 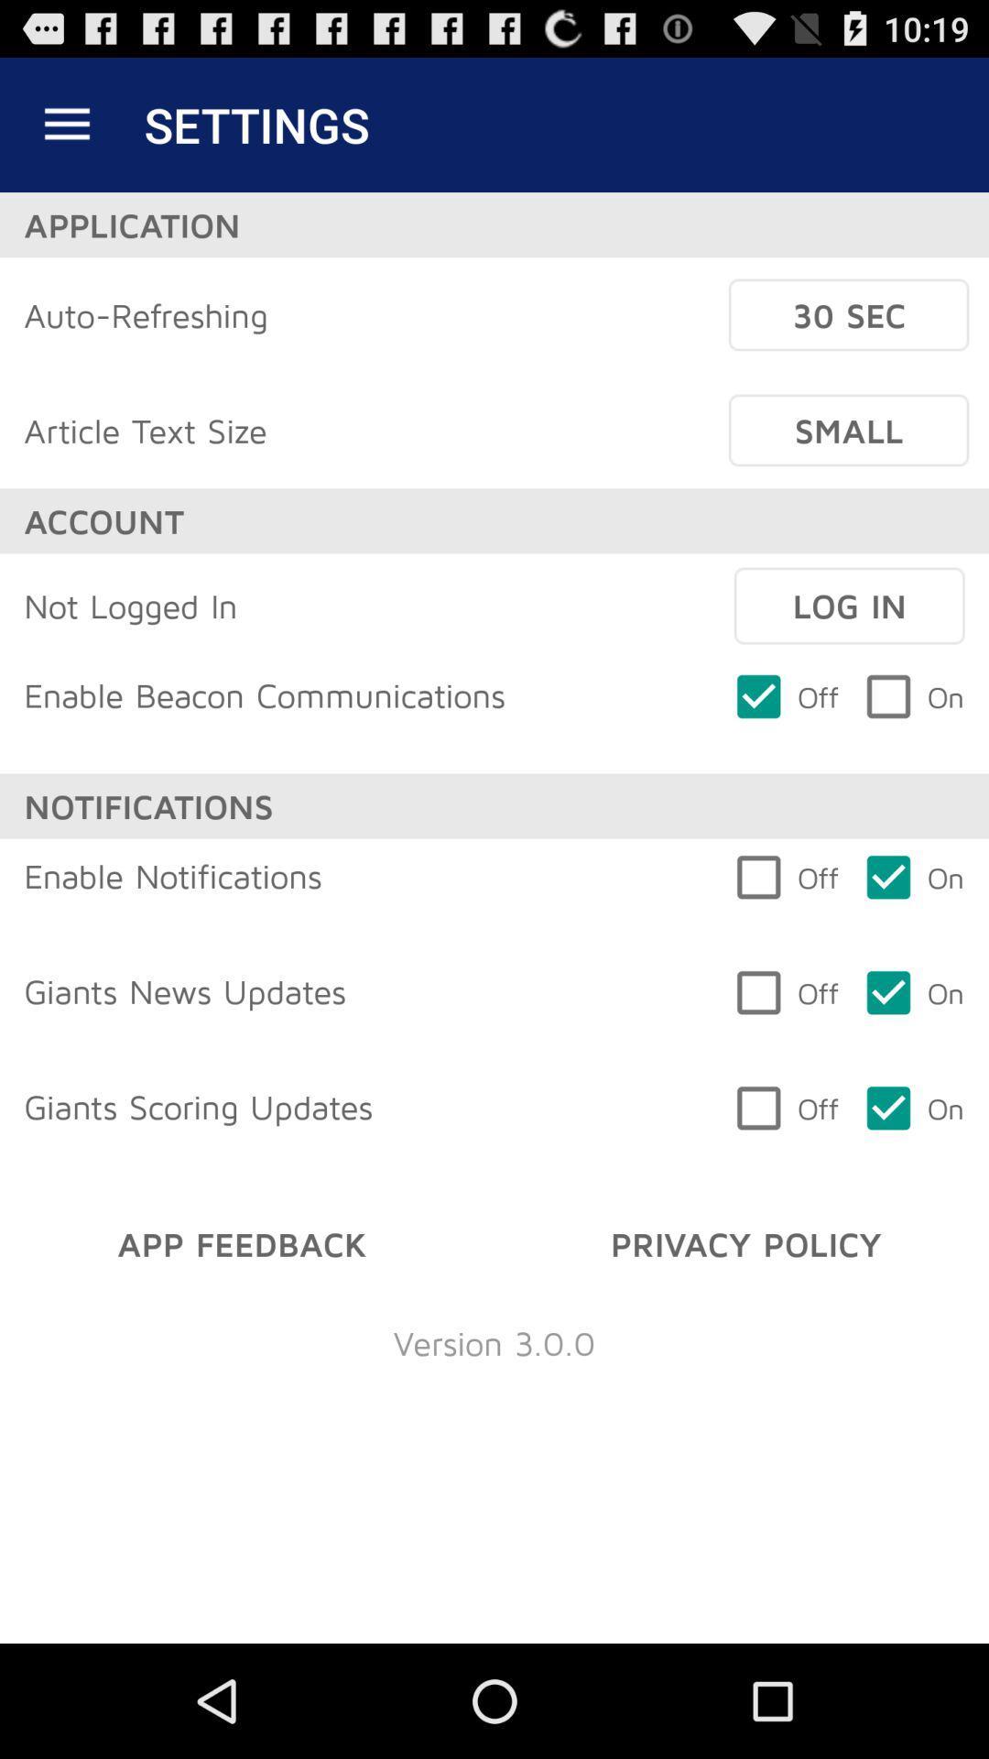 I want to click on item next to settings icon, so click(x=66, y=124).